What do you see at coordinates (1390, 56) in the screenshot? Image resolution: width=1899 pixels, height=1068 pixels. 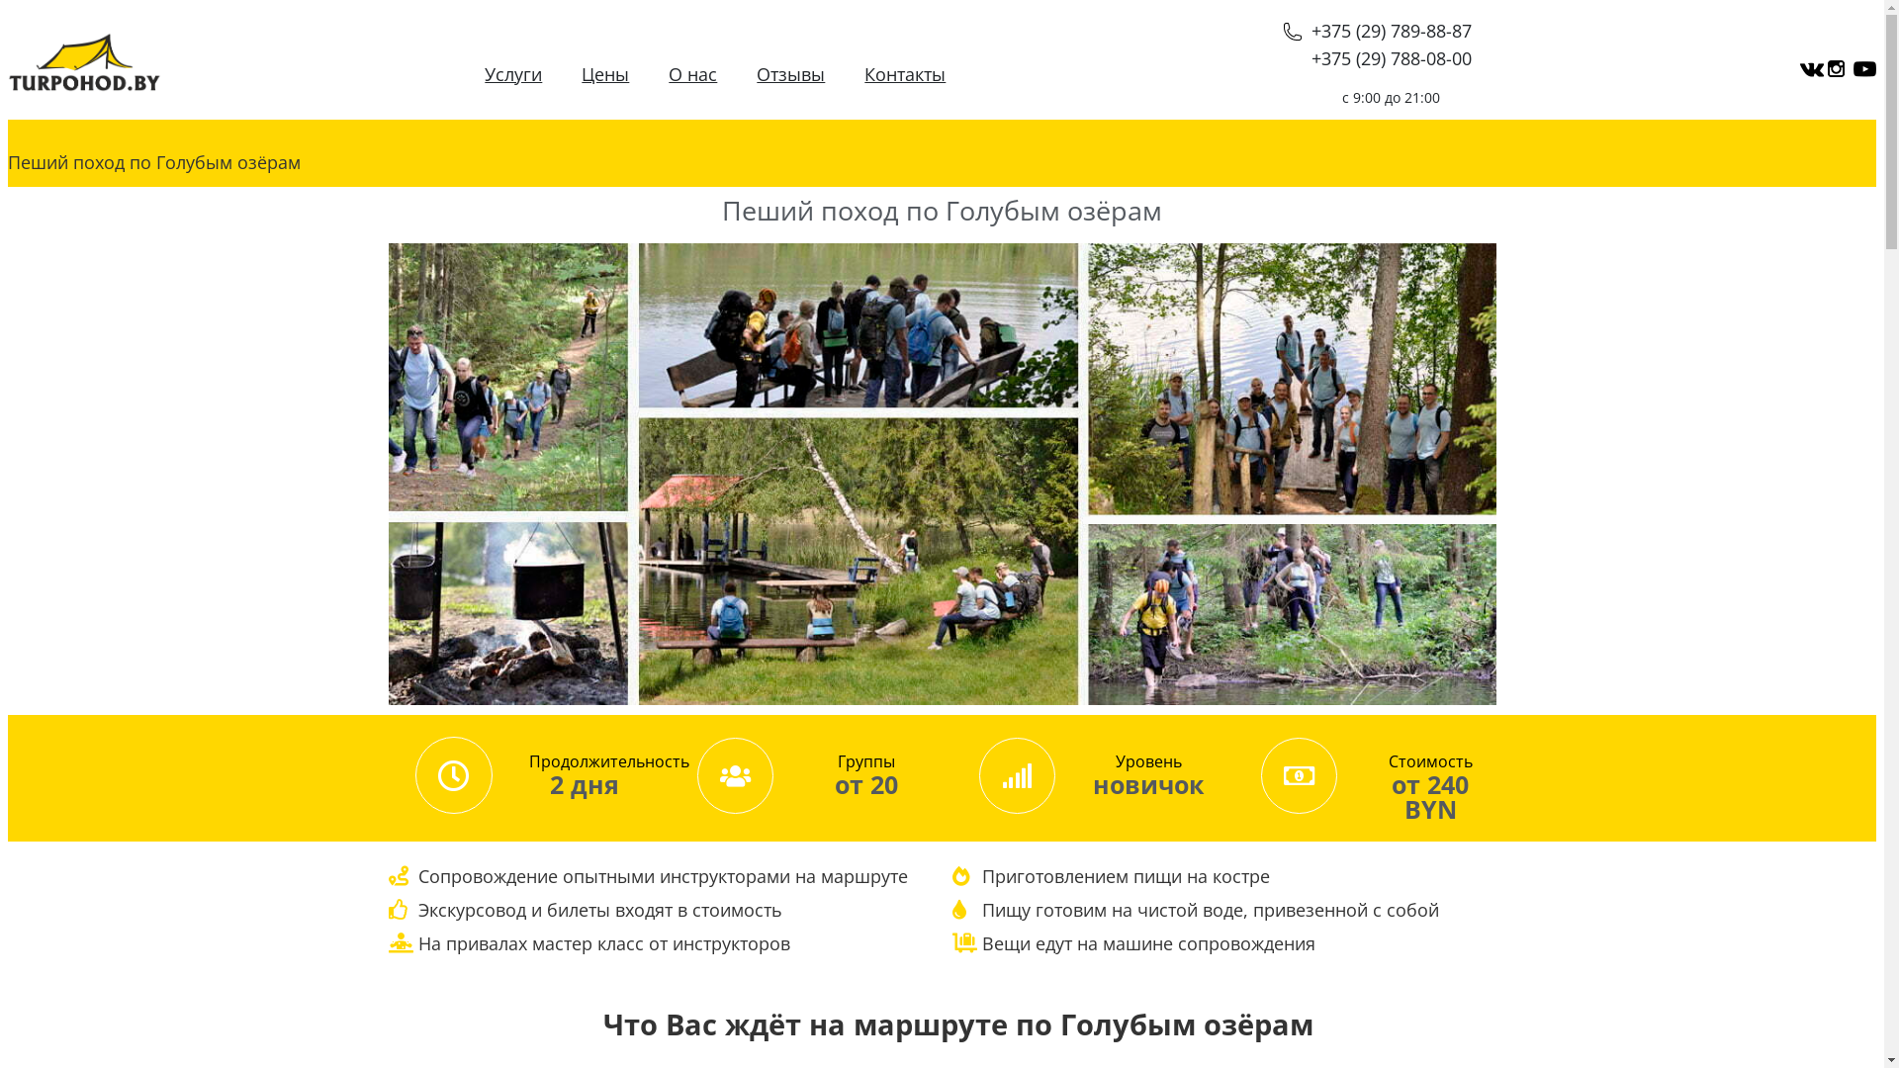 I see `'+375 (29) 788-08-00'` at bounding box center [1390, 56].